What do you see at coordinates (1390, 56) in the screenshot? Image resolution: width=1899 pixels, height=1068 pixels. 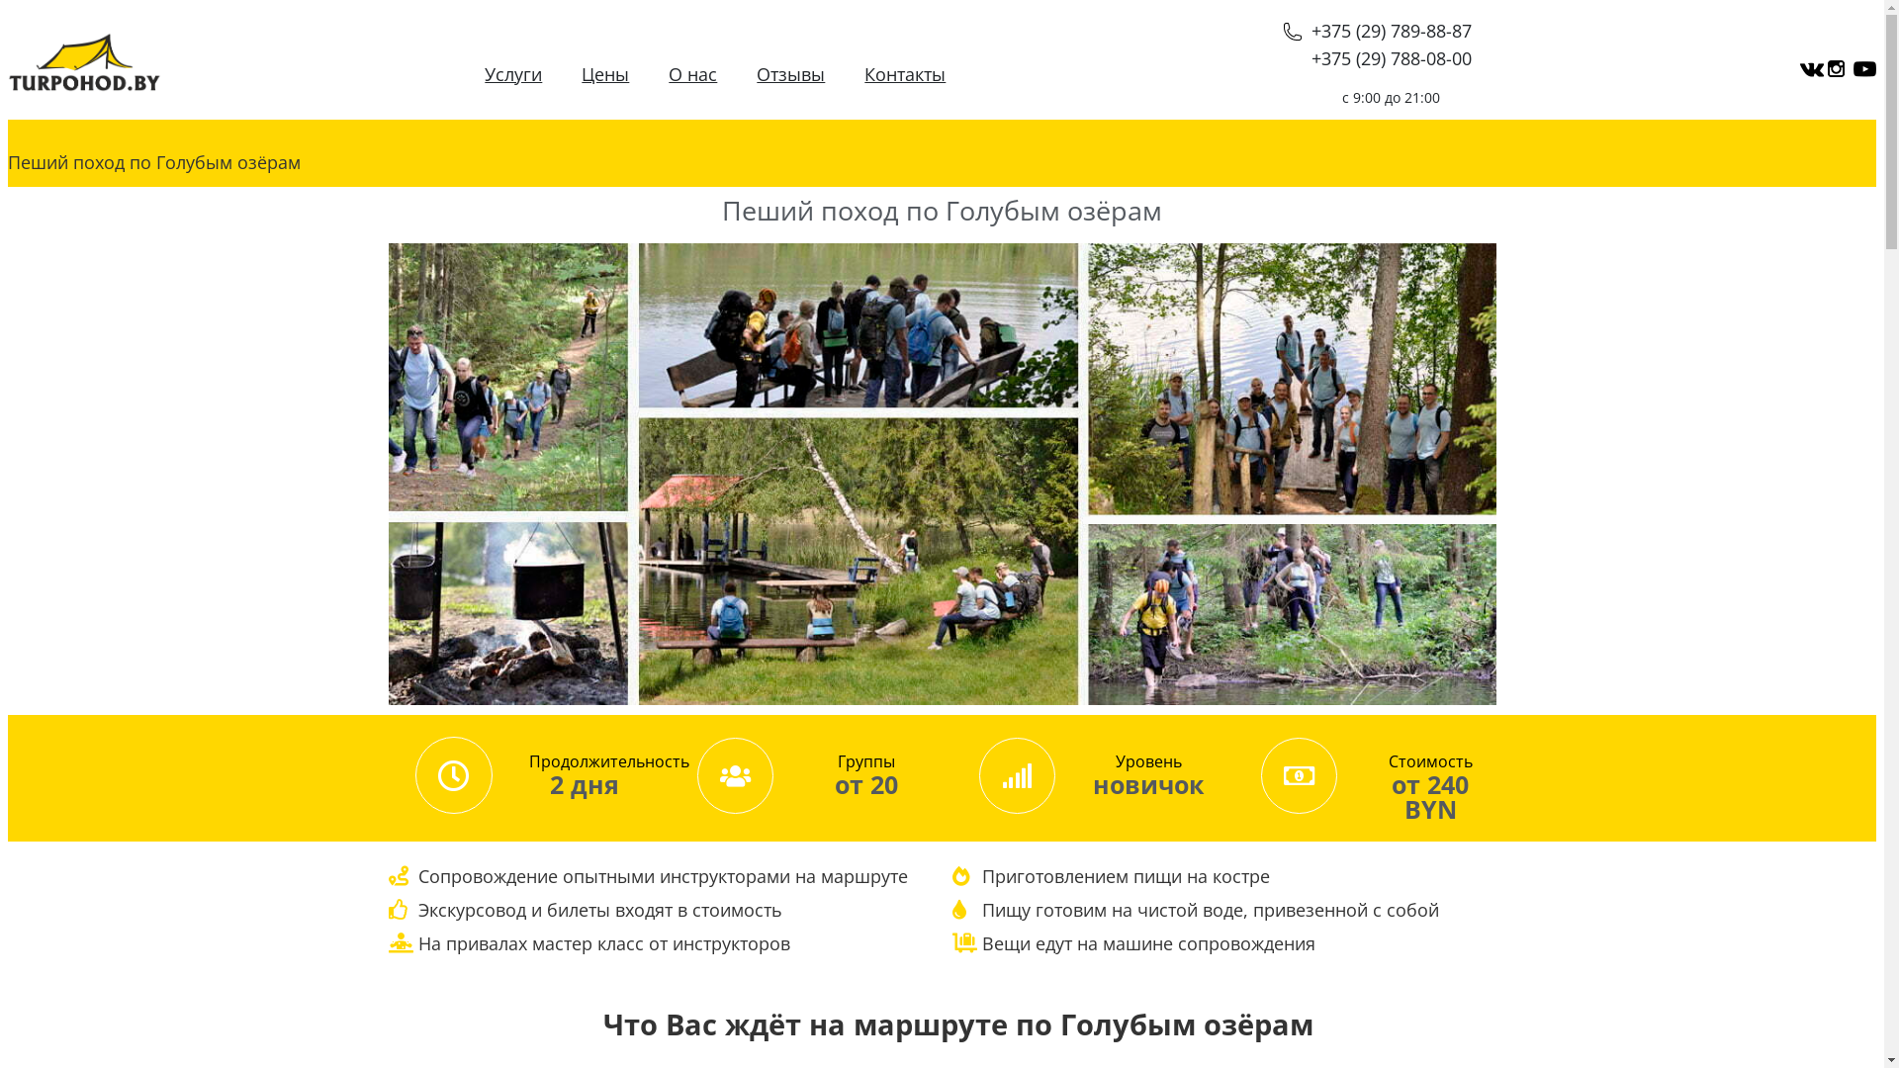 I see `'+375 (29) 788-08-00'` at bounding box center [1390, 56].